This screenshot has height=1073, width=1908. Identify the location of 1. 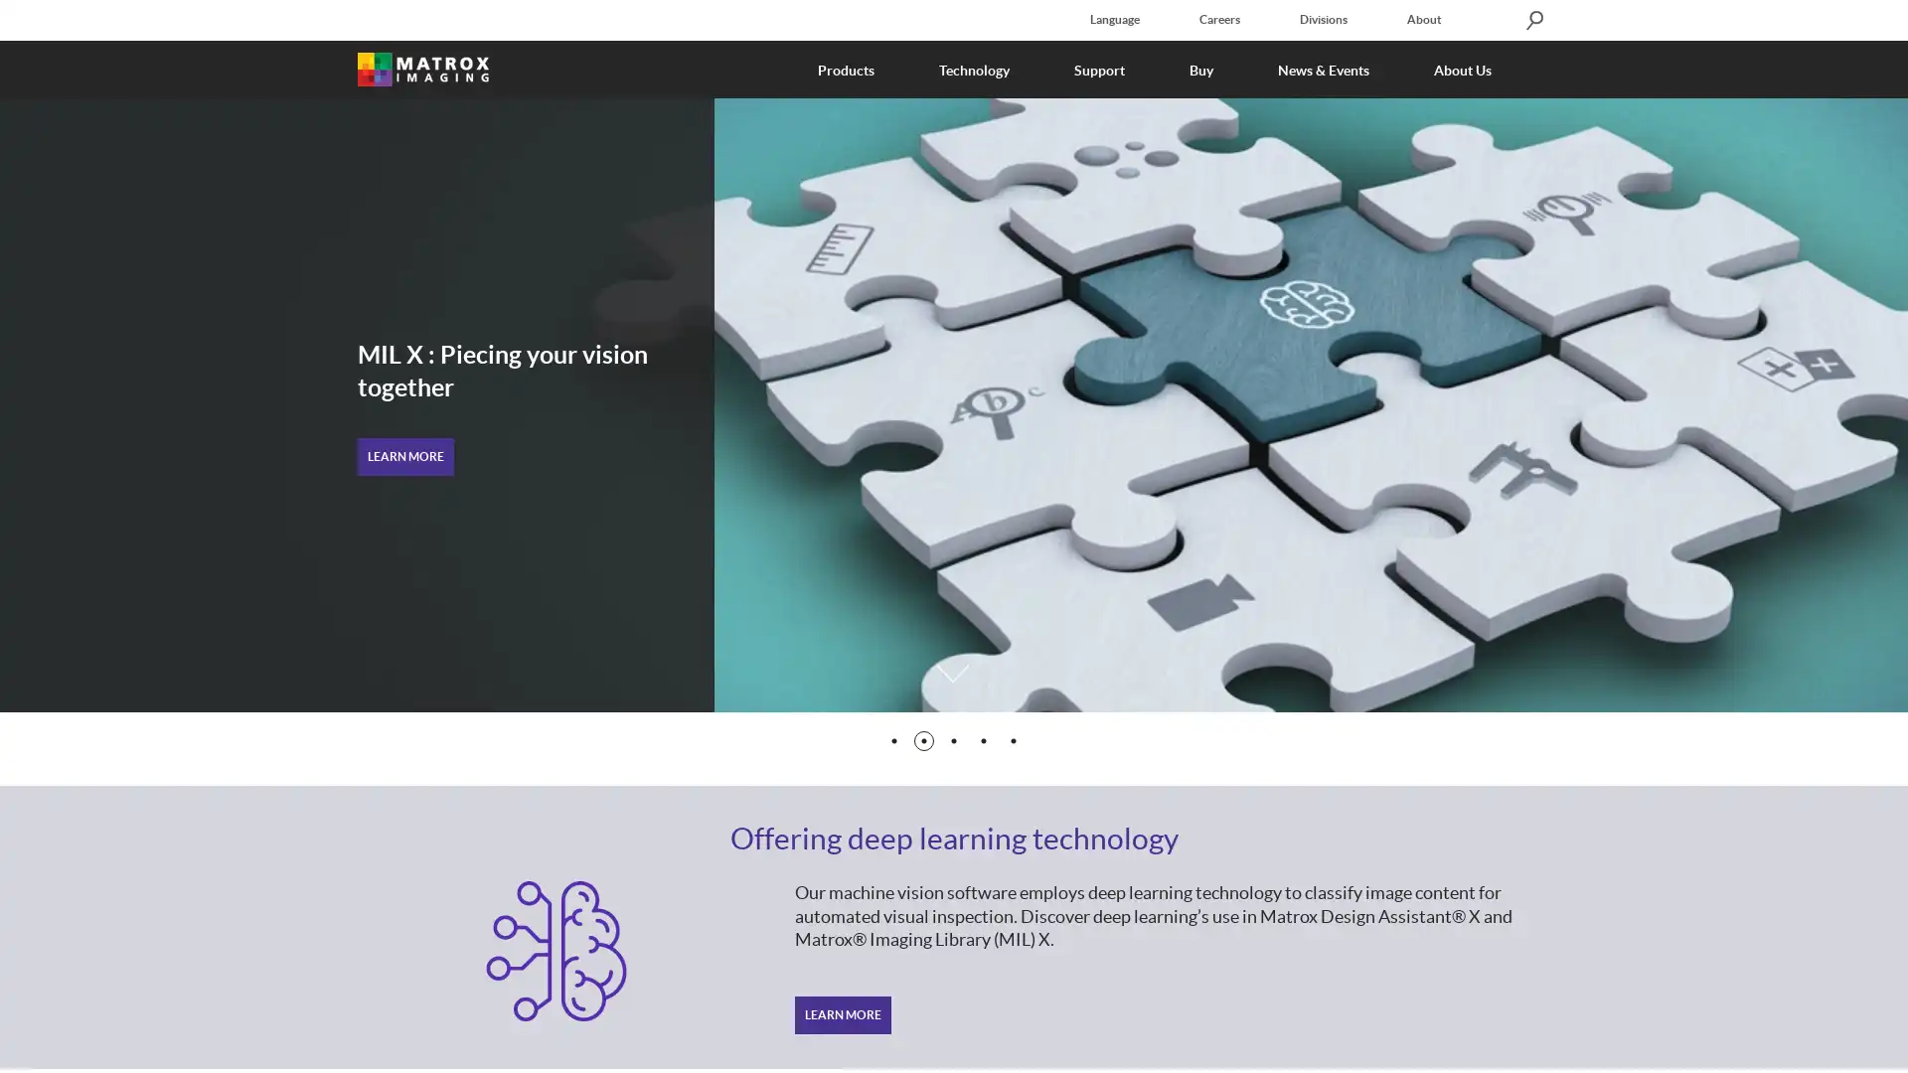
(893, 740).